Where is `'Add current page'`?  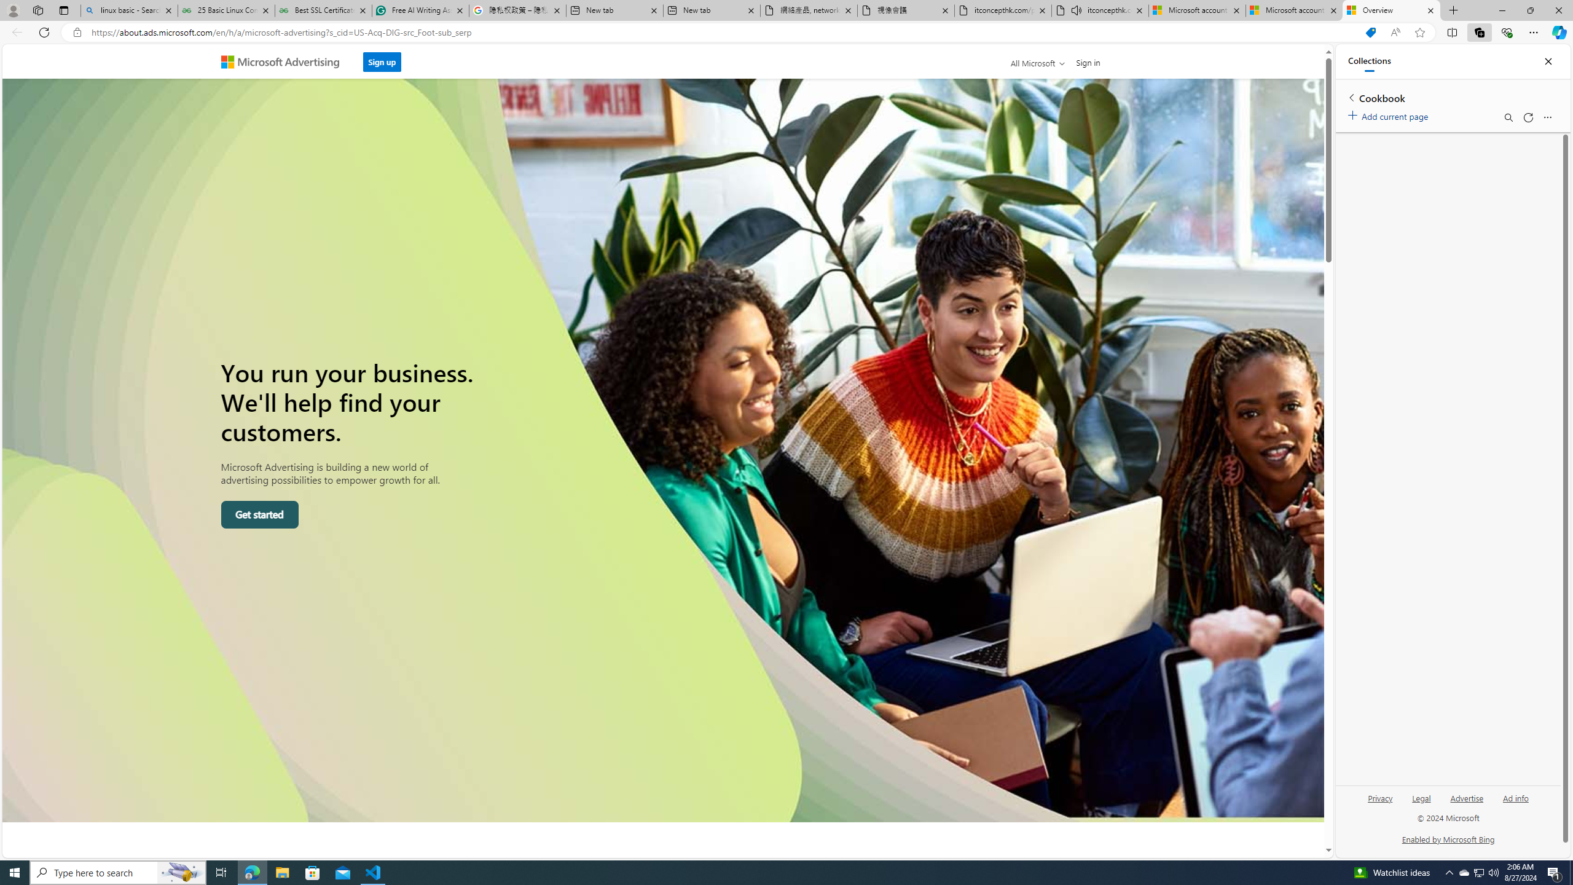
'Add current page' is located at coordinates (1390, 113).